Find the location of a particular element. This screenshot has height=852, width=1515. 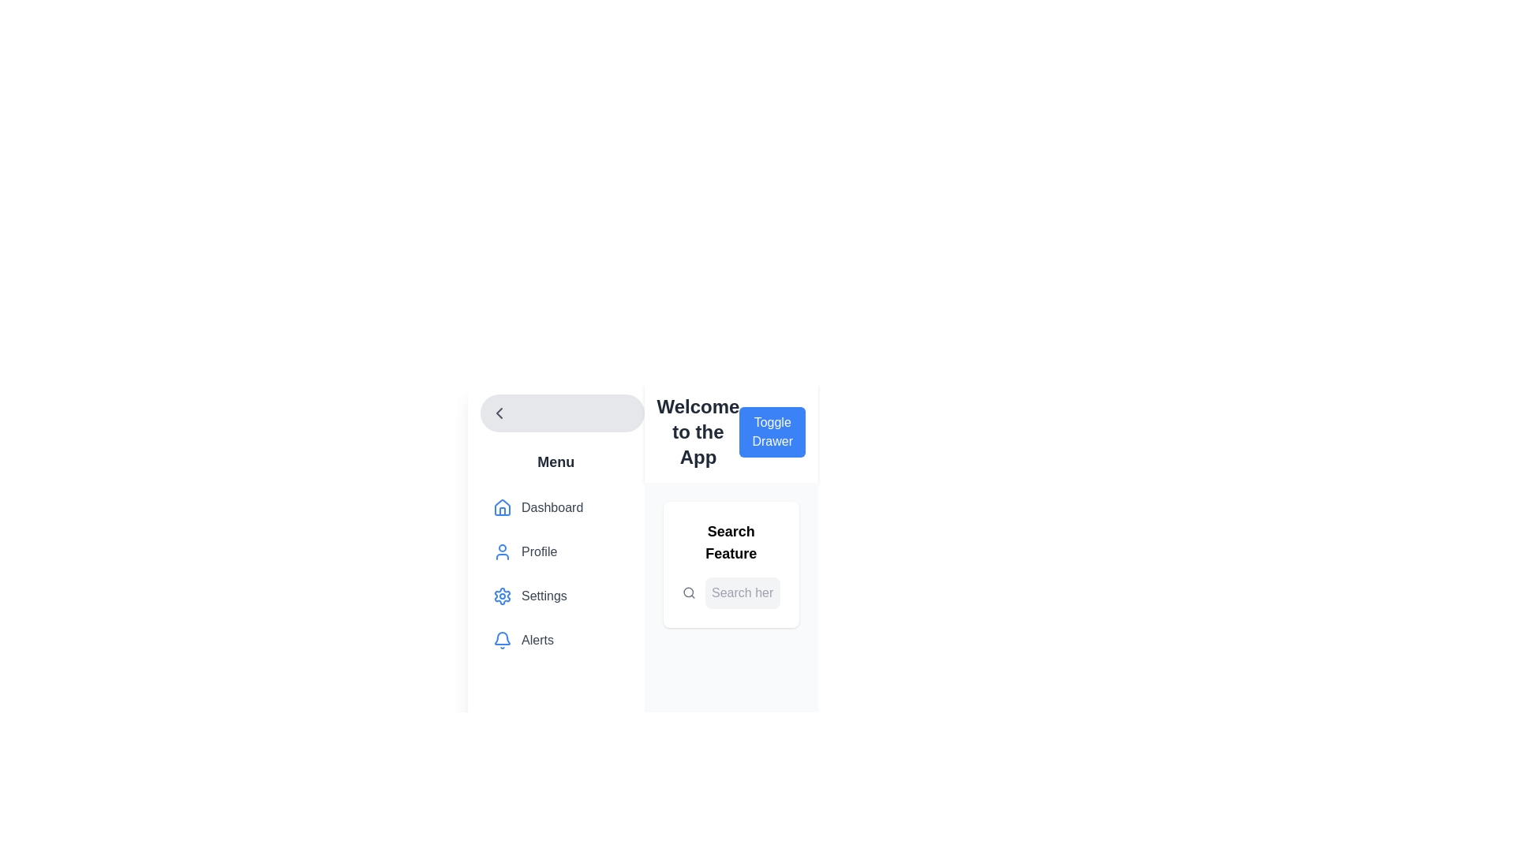

the 'Profile' menu item, which is the second item in the vertical navigation menu, located below 'Dashboard' and above 'Settings' is located at coordinates (555, 553).